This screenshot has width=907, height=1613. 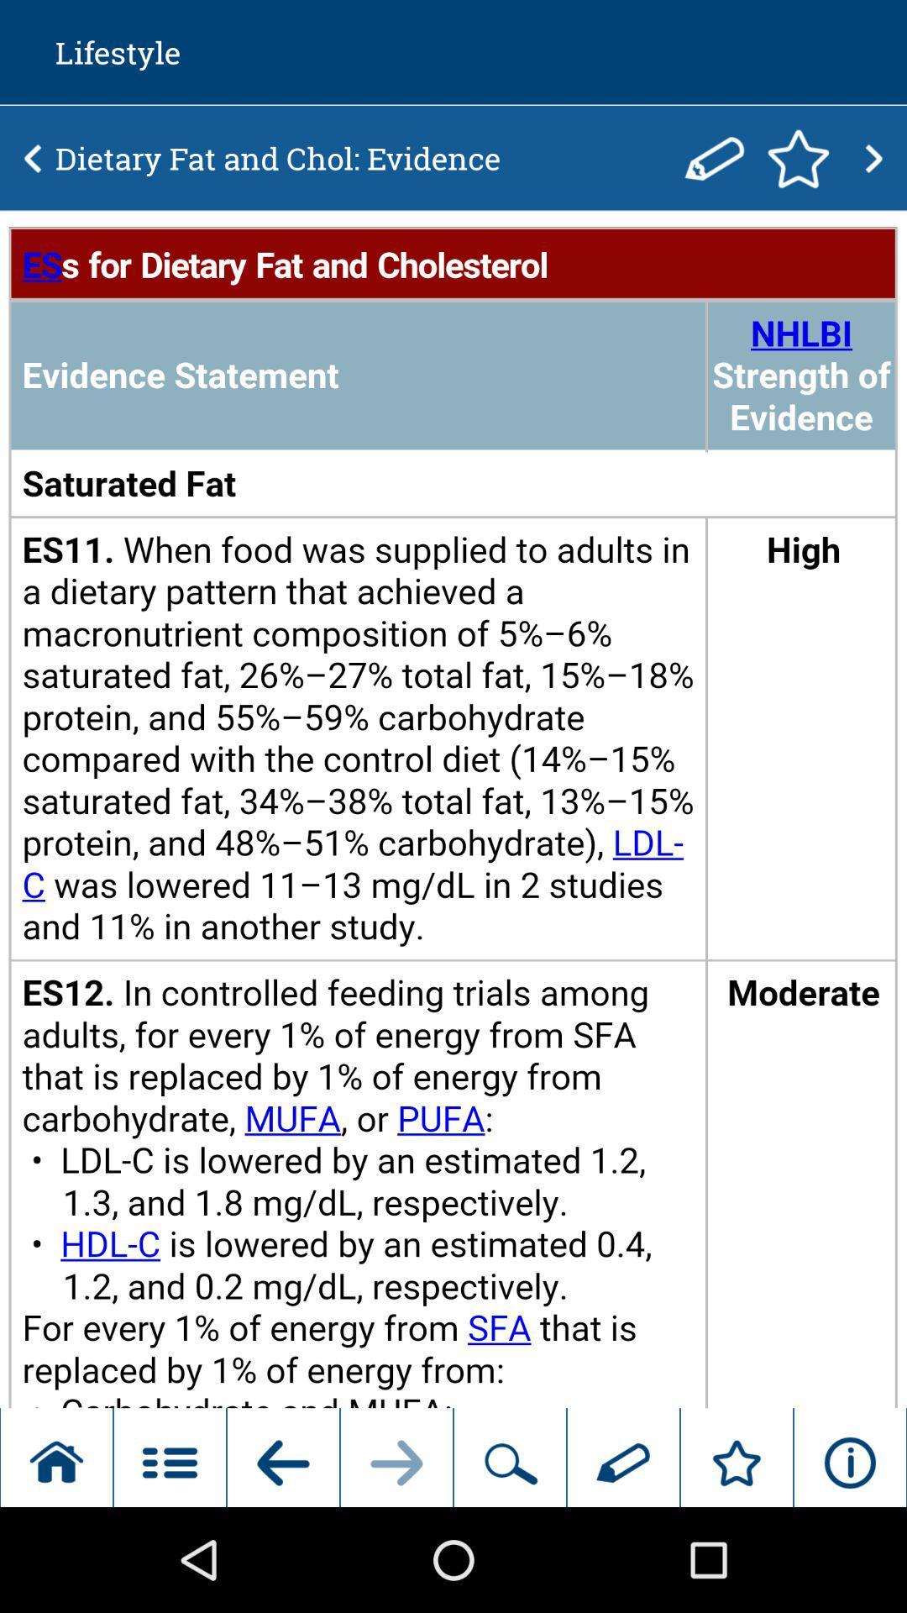 What do you see at coordinates (453, 810) in the screenshot?
I see `info option` at bounding box center [453, 810].